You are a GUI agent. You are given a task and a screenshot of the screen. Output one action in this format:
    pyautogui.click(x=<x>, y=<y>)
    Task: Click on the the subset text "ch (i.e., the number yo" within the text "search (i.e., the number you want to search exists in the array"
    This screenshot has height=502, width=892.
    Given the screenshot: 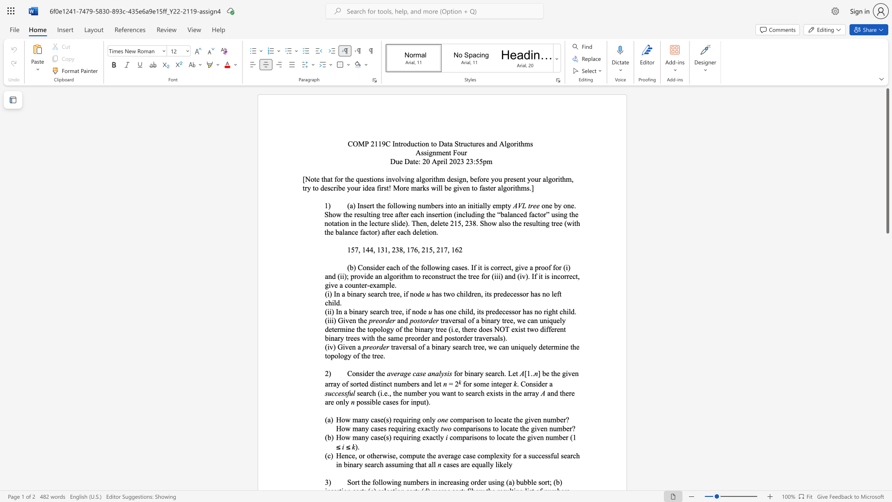 What is the action you would take?
    pyautogui.click(x=368, y=393)
    